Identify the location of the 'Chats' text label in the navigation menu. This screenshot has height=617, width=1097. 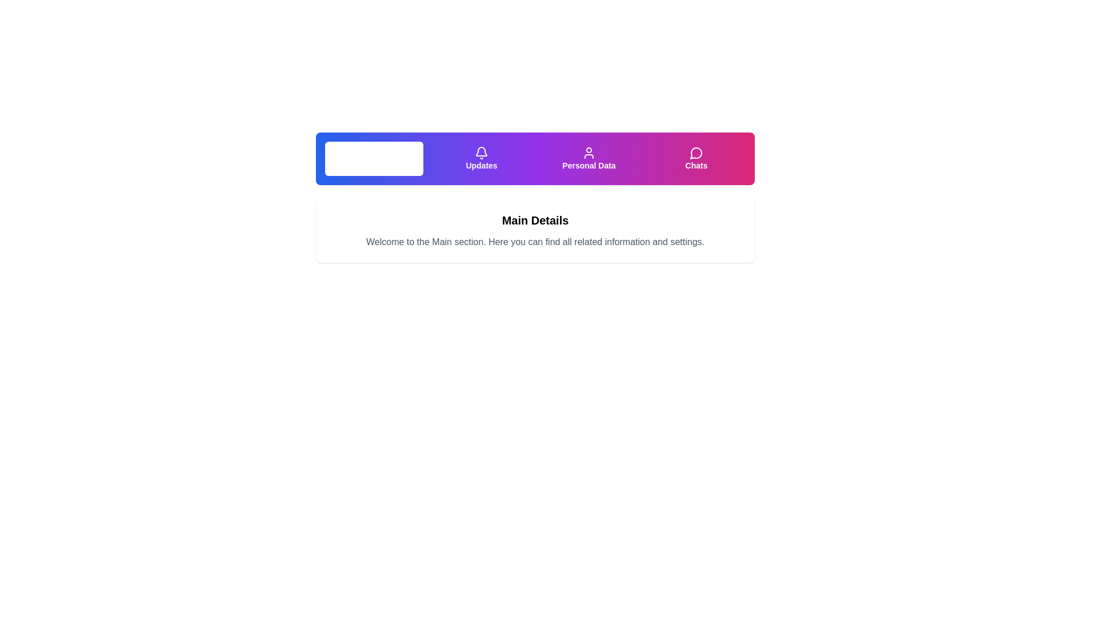
(696, 165).